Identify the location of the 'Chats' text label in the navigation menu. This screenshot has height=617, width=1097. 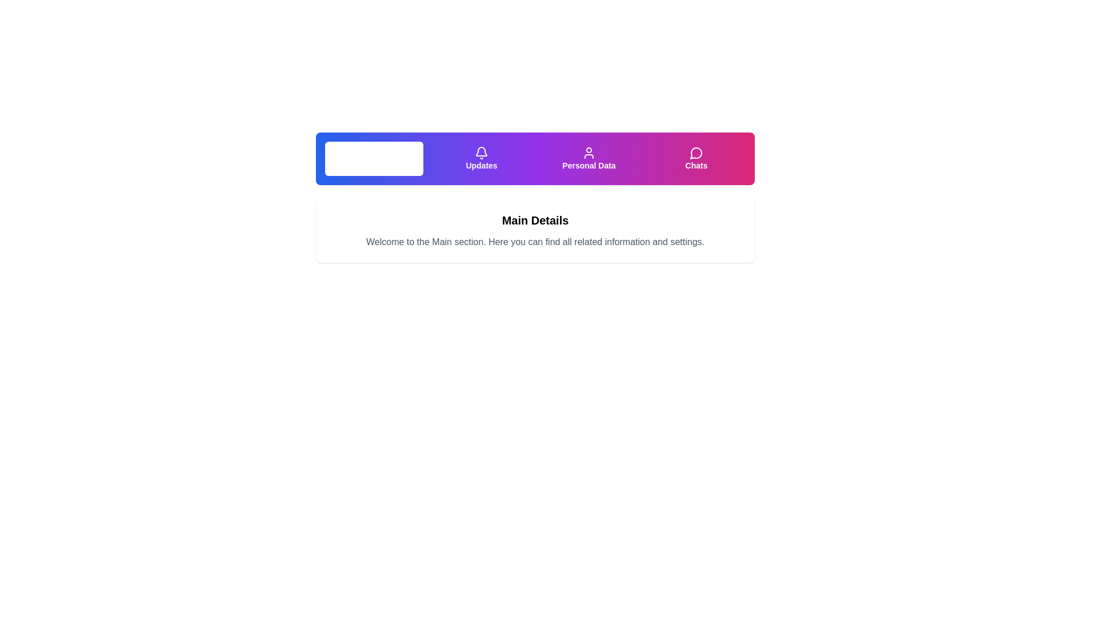
(696, 165).